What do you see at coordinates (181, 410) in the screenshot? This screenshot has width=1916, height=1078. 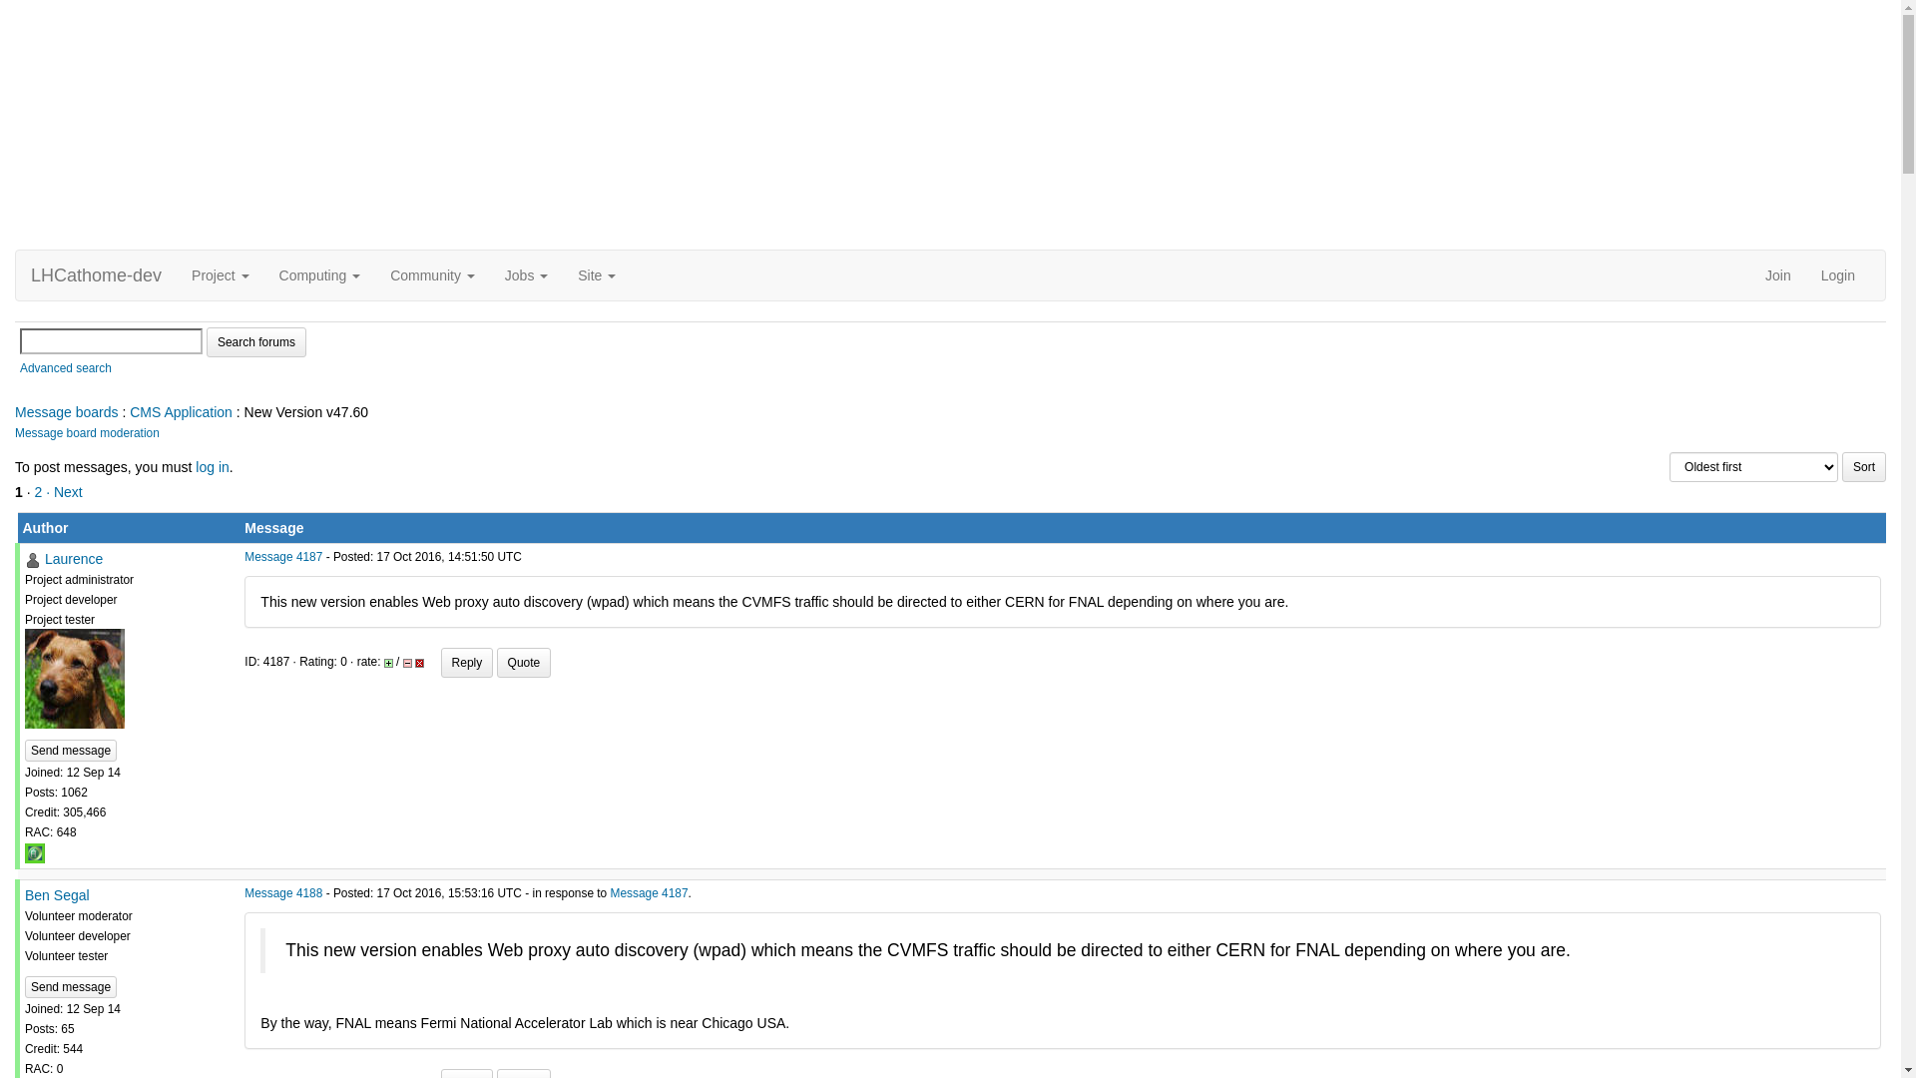 I see `'CMS Application'` at bounding box center [181, 410].